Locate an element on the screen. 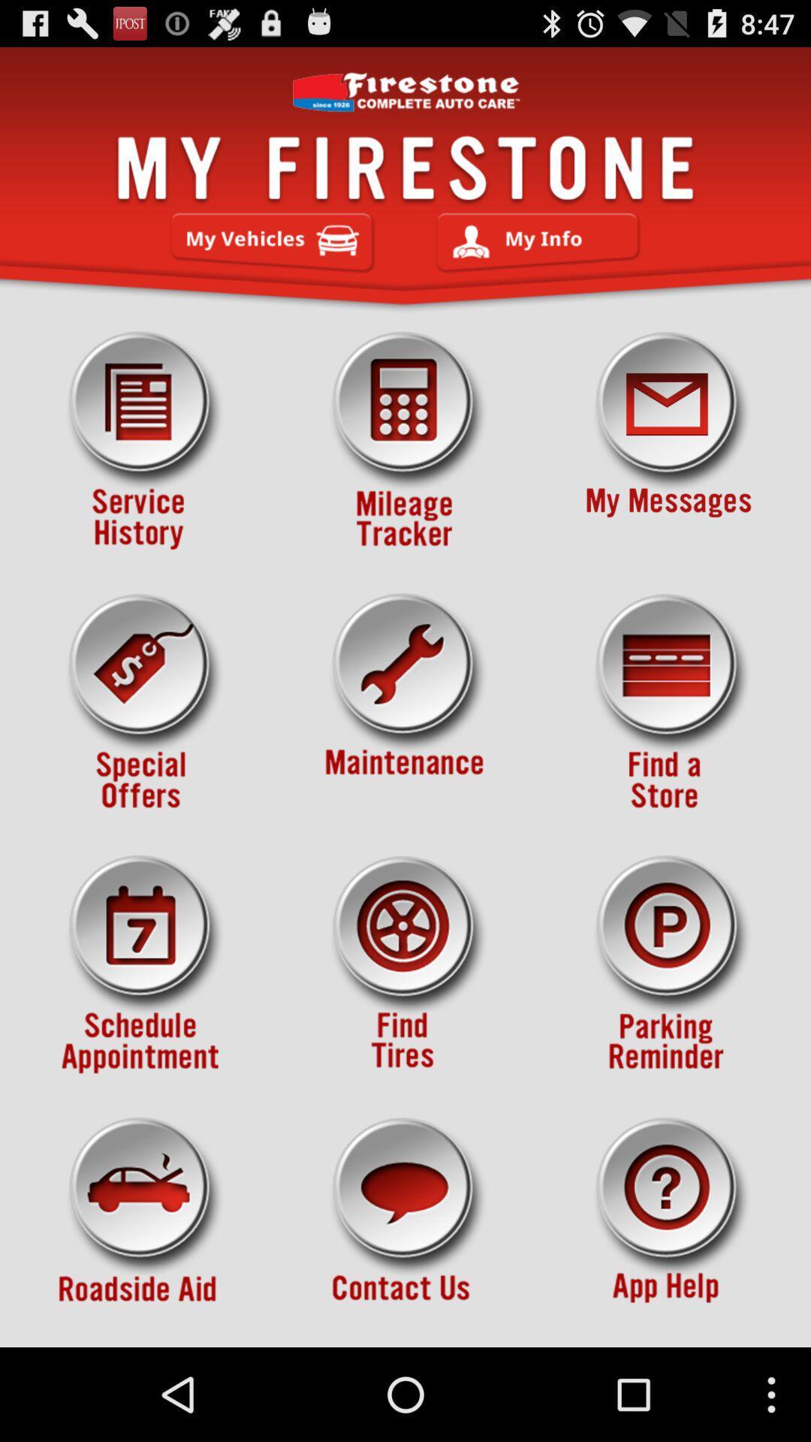  manage the tires lifetime is located at coordinates (405, 440).